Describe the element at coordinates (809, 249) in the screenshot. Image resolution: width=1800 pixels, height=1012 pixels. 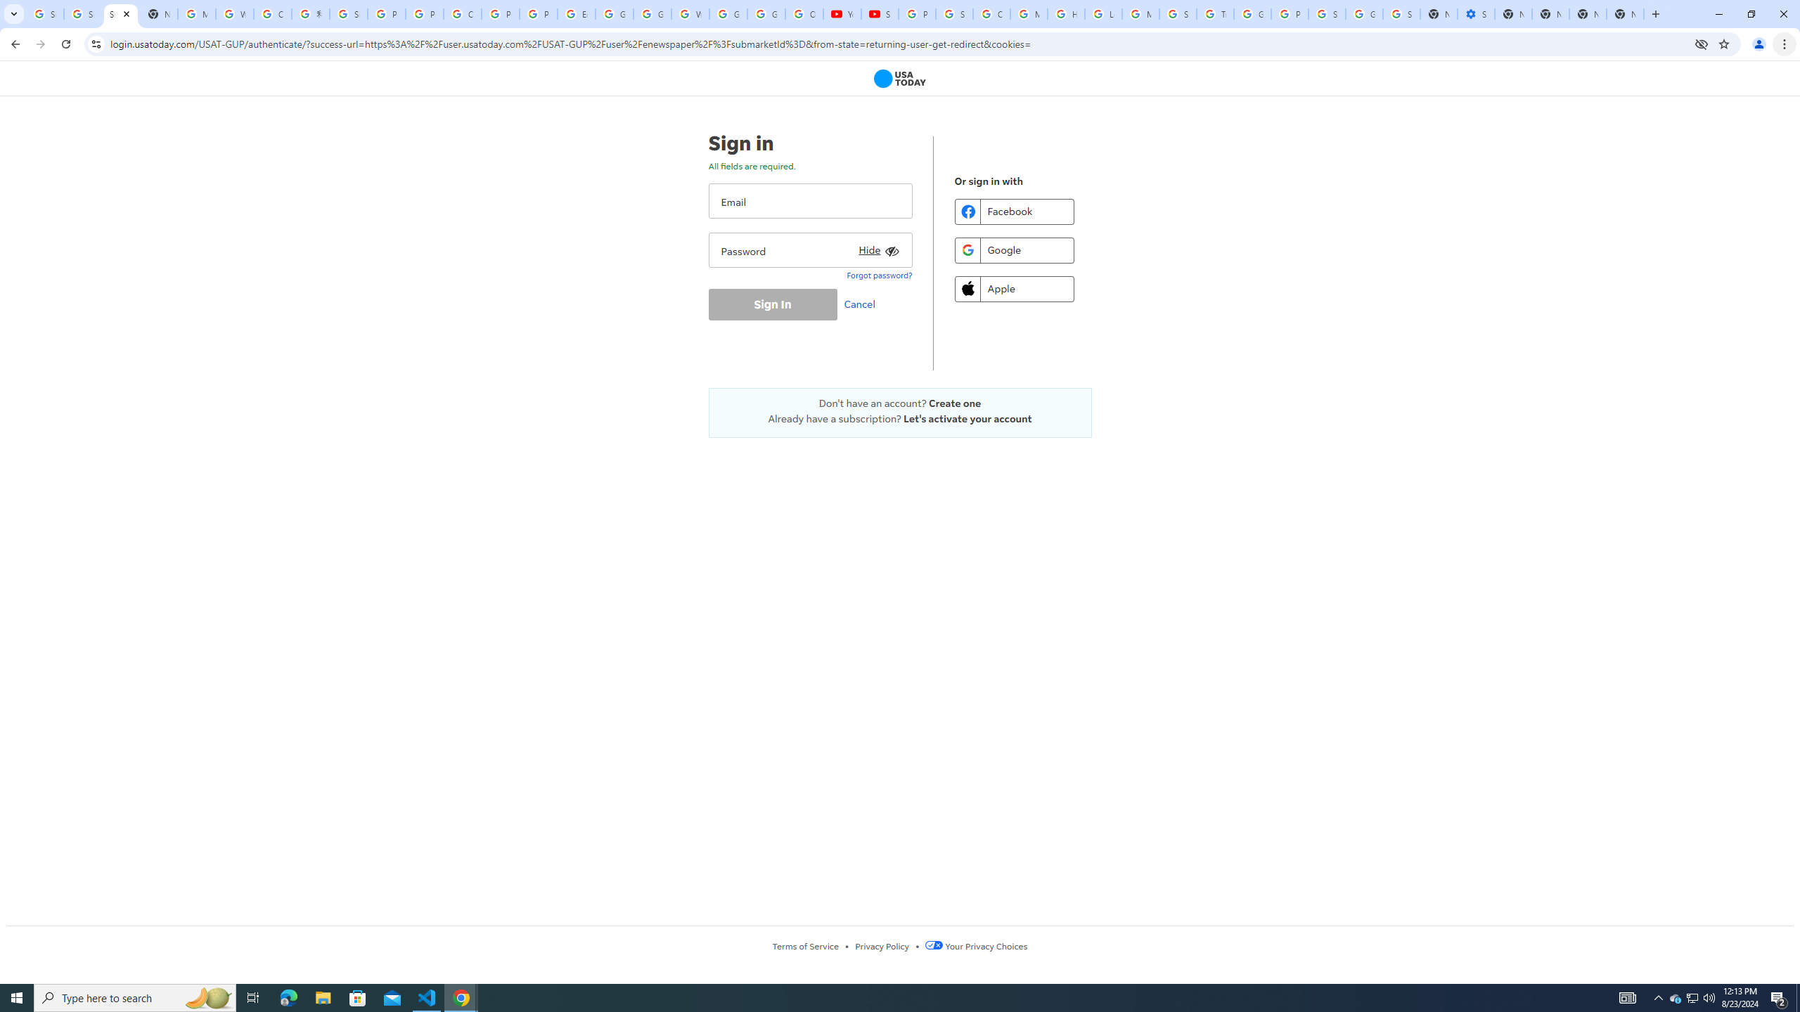
I see `'Enter Password'` at that location.